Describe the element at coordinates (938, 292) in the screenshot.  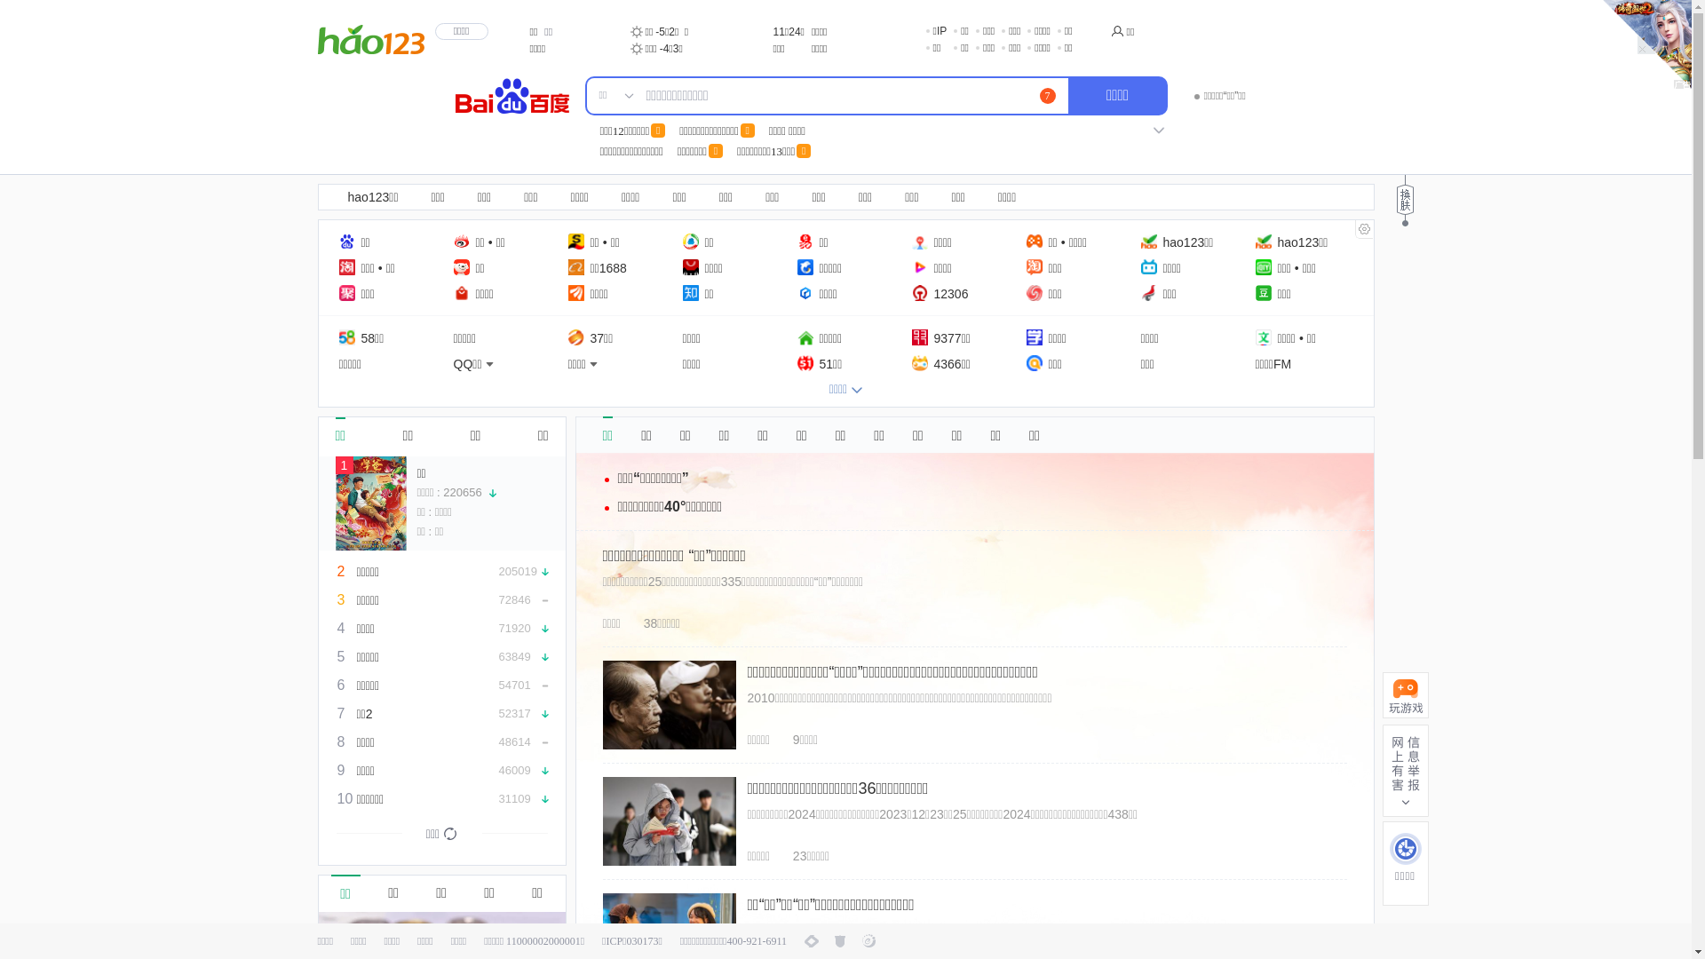
I see `'12306'` at that location.